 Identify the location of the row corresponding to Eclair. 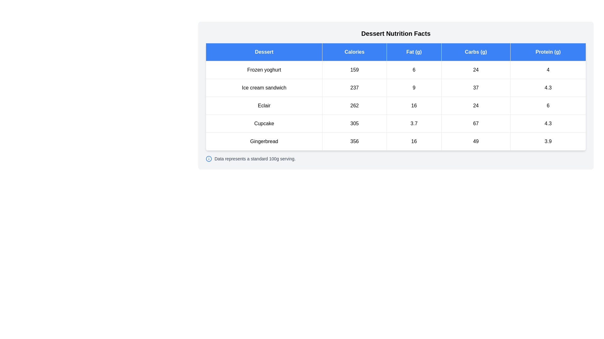
(395, 105).